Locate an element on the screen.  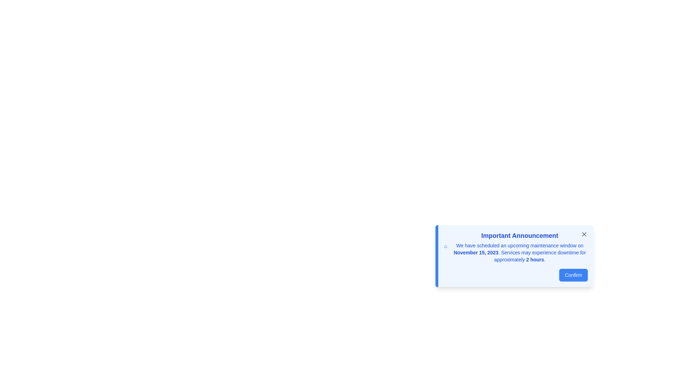
the text label or heading located at the top of the dialog box, summarizing the purpose of the content within is located at coordinates (520, 236).